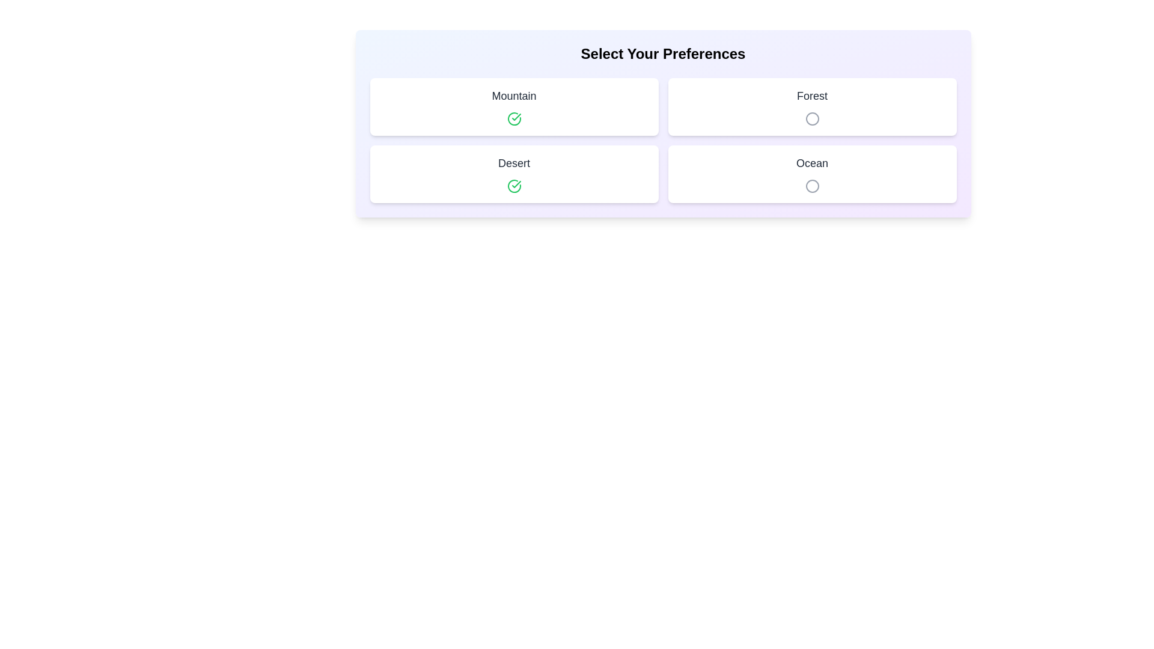 This screenshot has width=1154, height=649. Describe the element at coordinates (514, 174) in the screenshot. I see `the item labeled Desert to observe its hover effect` at that location.